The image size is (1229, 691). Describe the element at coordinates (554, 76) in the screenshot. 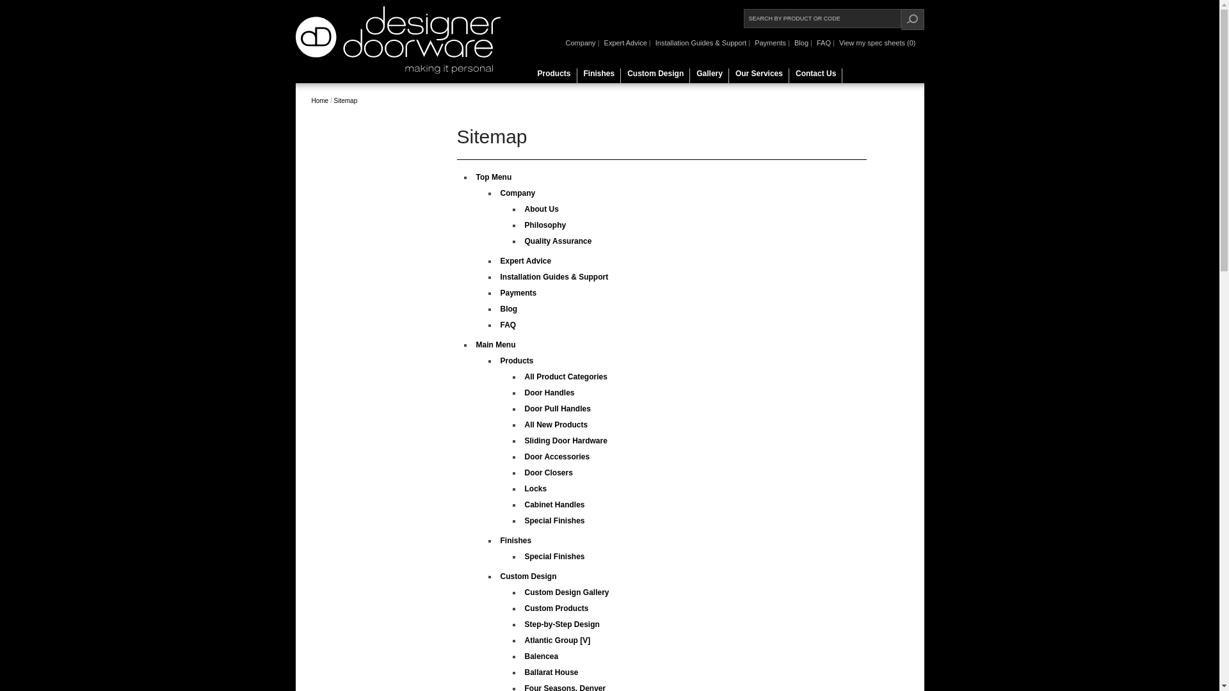

I see `'Products'` at that location.